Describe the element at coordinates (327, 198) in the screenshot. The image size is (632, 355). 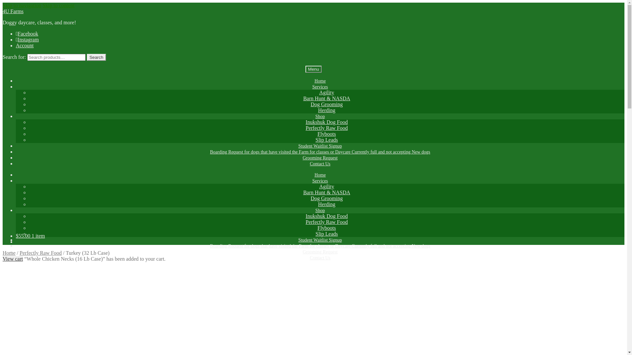
I see `'Dog Grooming'` at that location.